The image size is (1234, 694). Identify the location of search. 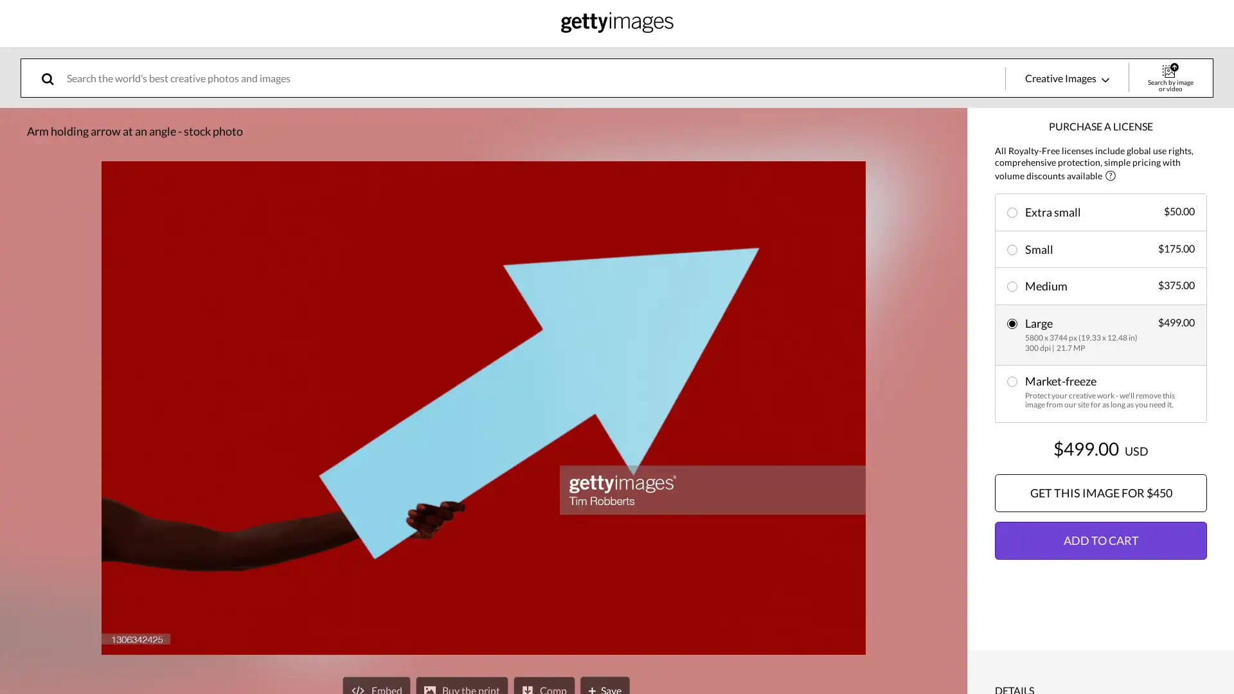
(57, 78).